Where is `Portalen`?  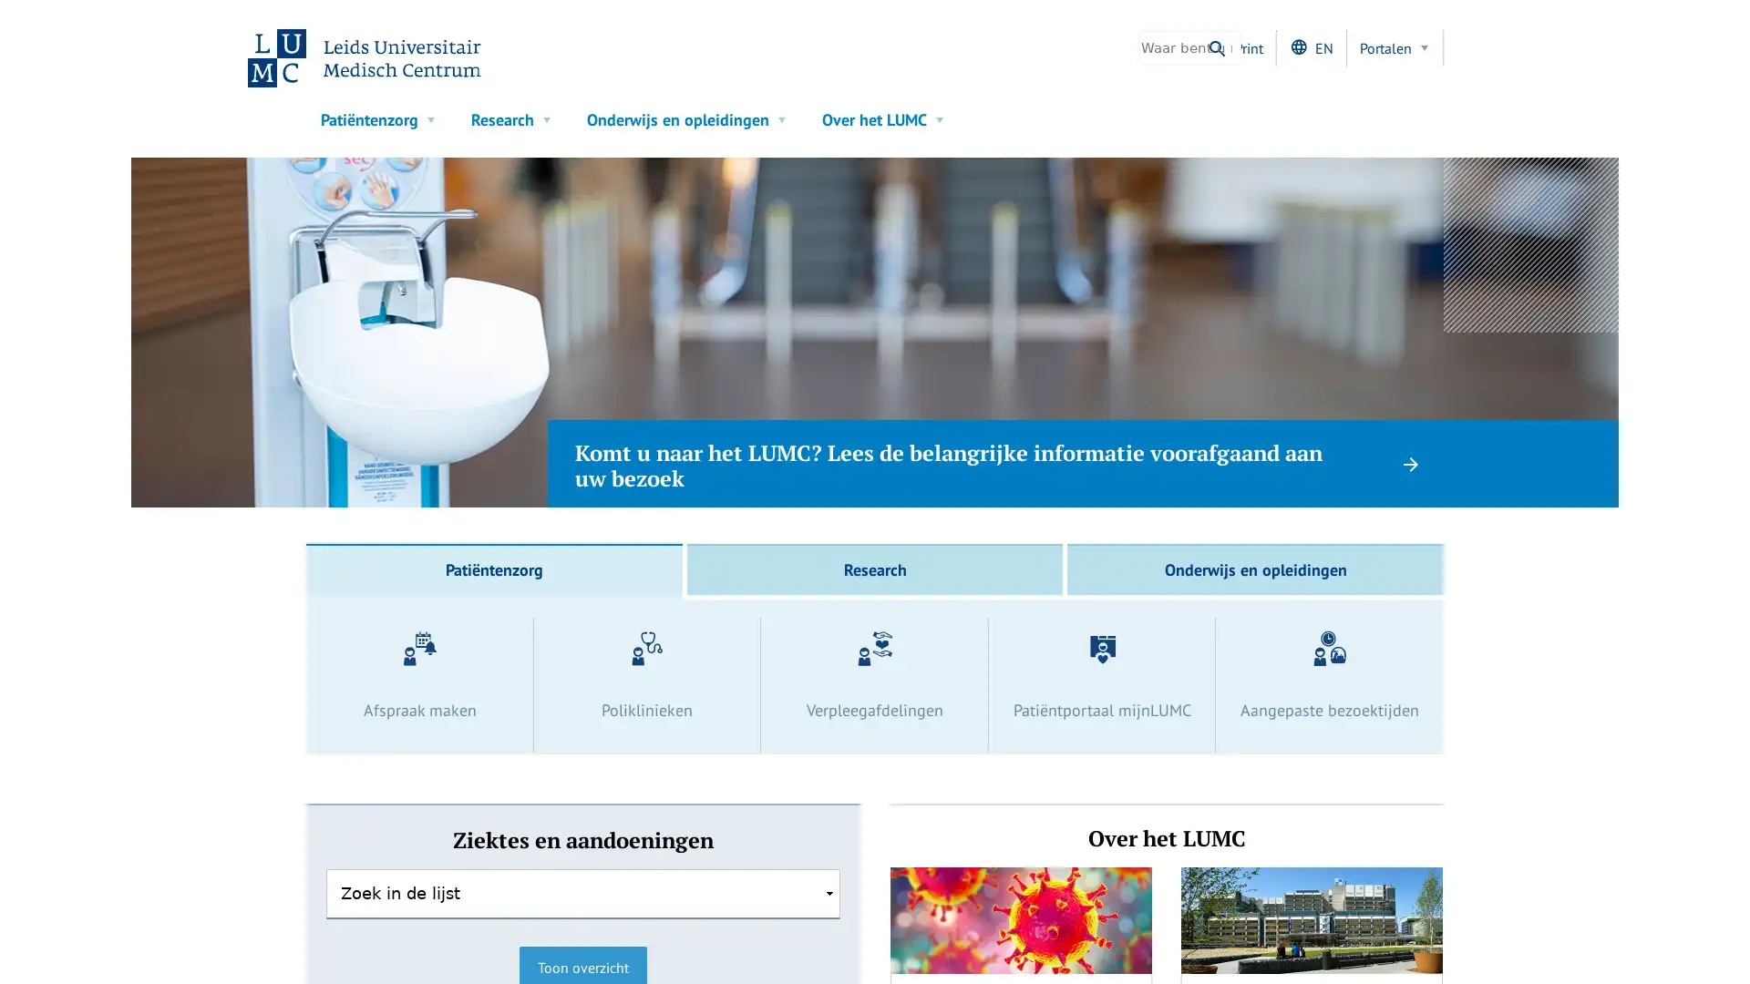
Portalen is located at coordinates (1395, 47).